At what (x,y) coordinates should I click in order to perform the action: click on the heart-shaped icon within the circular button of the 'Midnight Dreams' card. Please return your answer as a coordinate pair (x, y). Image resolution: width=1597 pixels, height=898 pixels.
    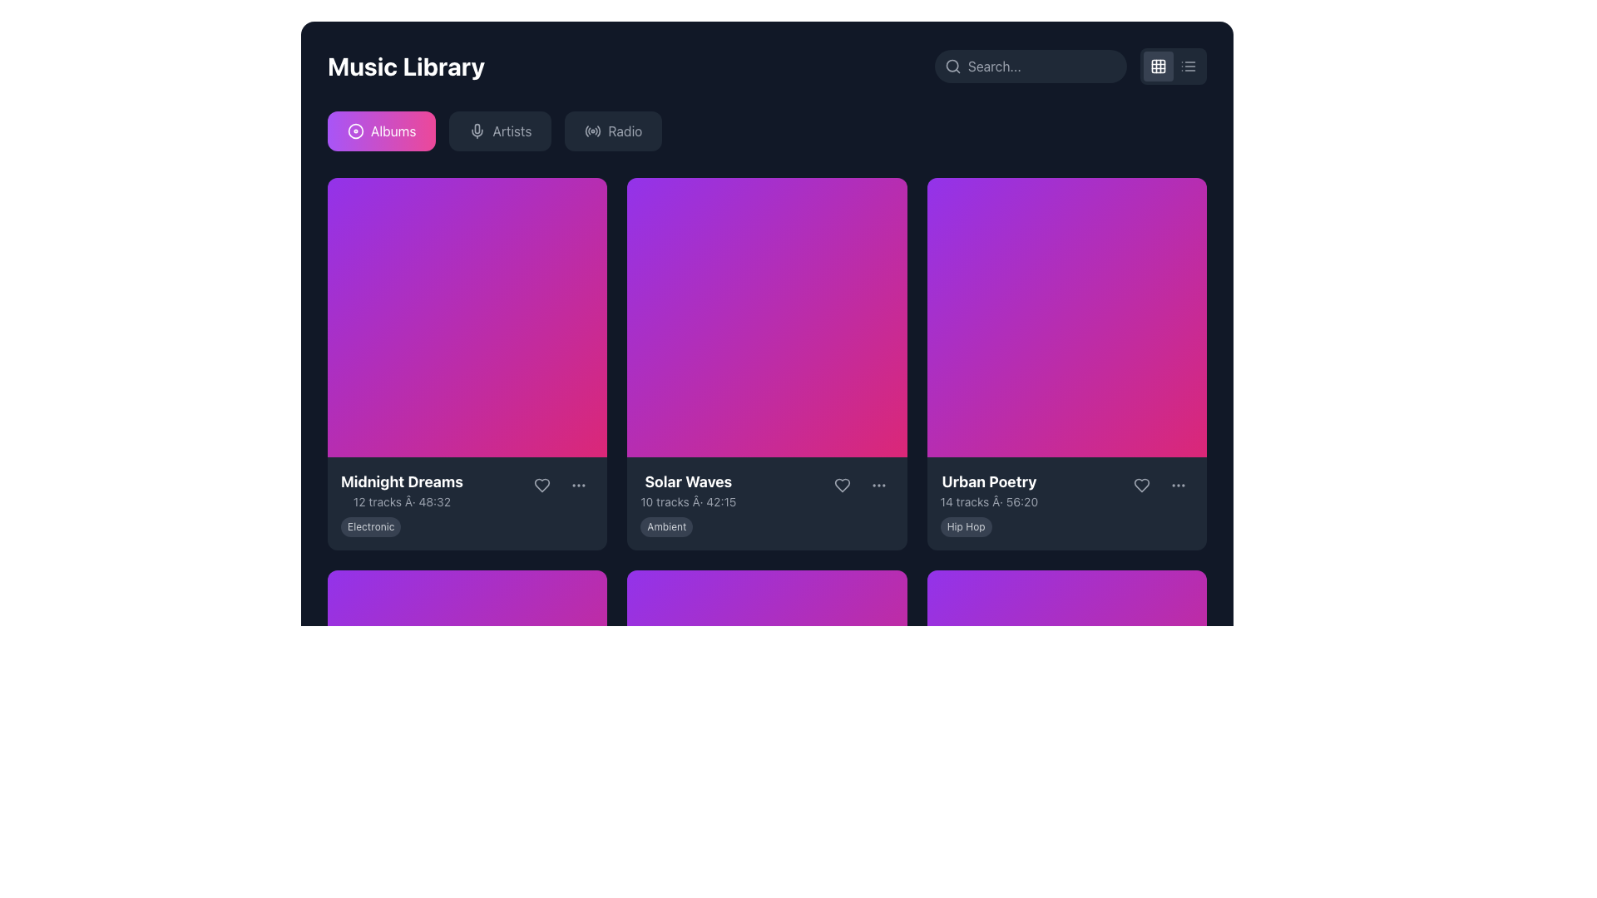
    Looking at the image, I should click on (542, 486).